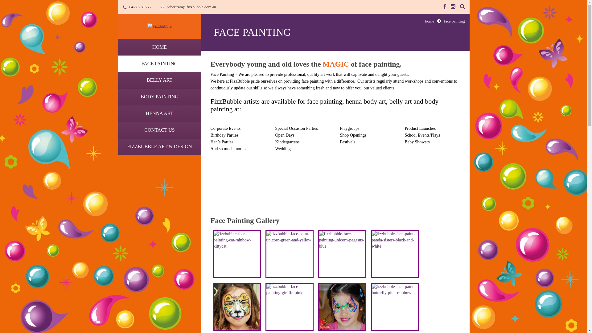 This screenshot has width=592, height=333. I want to click on 'BELLY ART', so click(159, 80).